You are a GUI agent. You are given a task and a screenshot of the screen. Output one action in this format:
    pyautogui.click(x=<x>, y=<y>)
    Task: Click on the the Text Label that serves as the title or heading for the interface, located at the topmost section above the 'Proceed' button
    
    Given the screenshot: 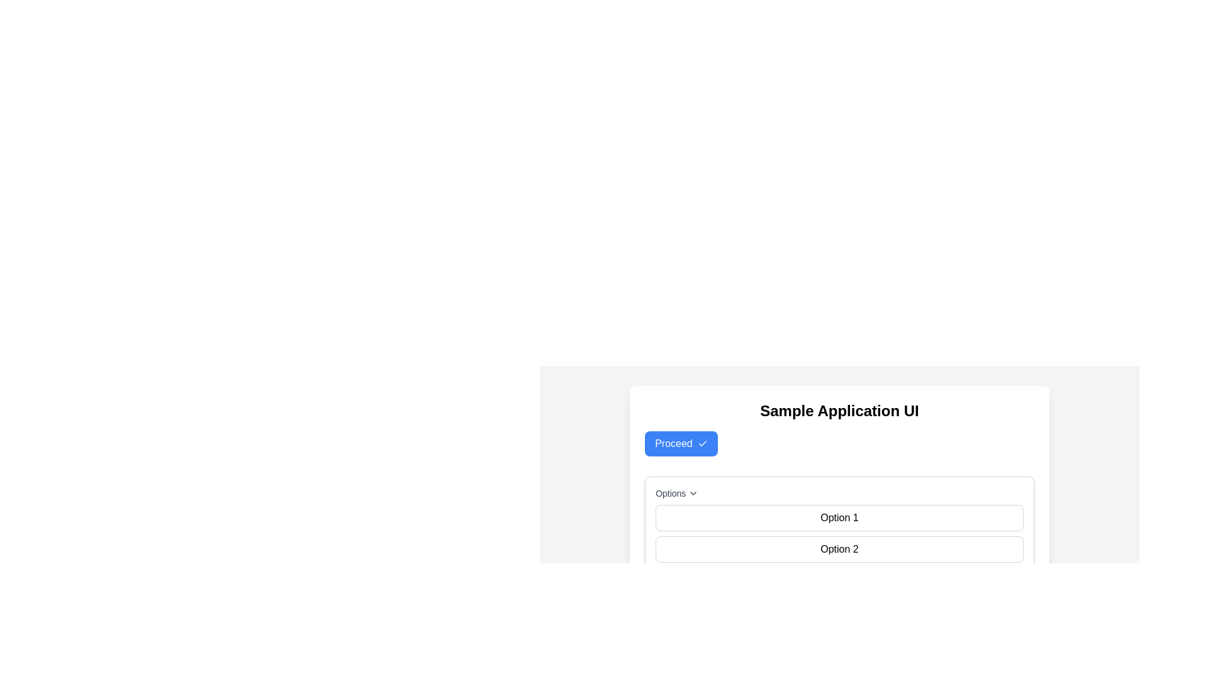 What is the action you would take?
    pyautogui.click(x=839, y=411)
    